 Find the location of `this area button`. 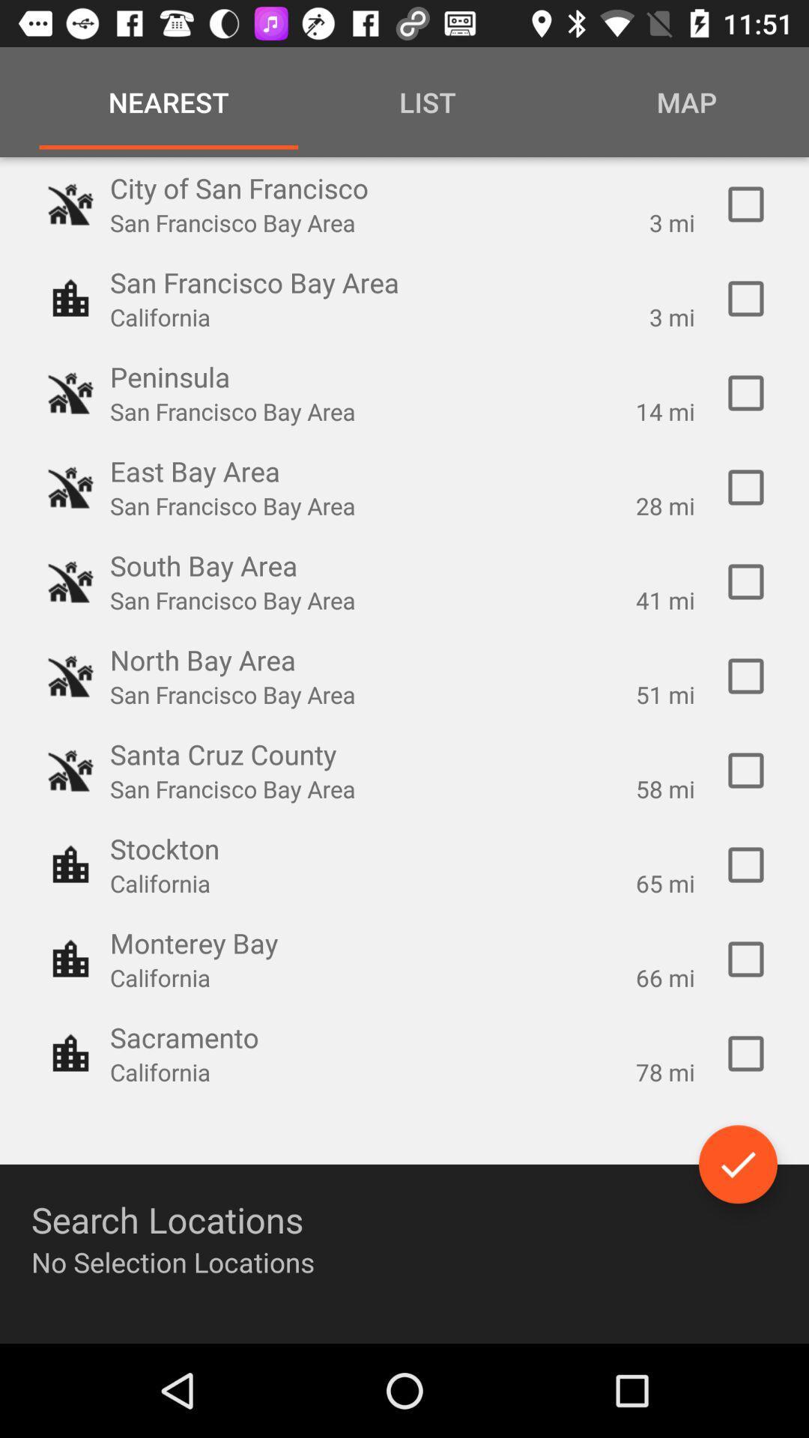

this area button is located at coordinates (745, 204).